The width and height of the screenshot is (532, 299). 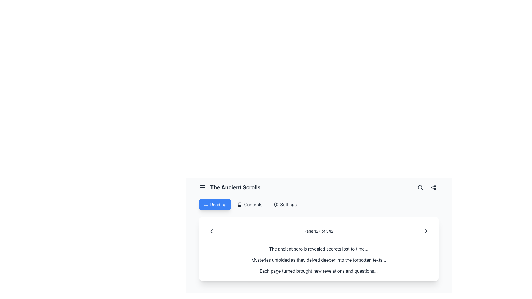 What do you see at coordinates (420, 187) in the screenshot?
I see `the search button located at the top-right corner of the main interface panel to change its background color` at bounding box center [420, 187].